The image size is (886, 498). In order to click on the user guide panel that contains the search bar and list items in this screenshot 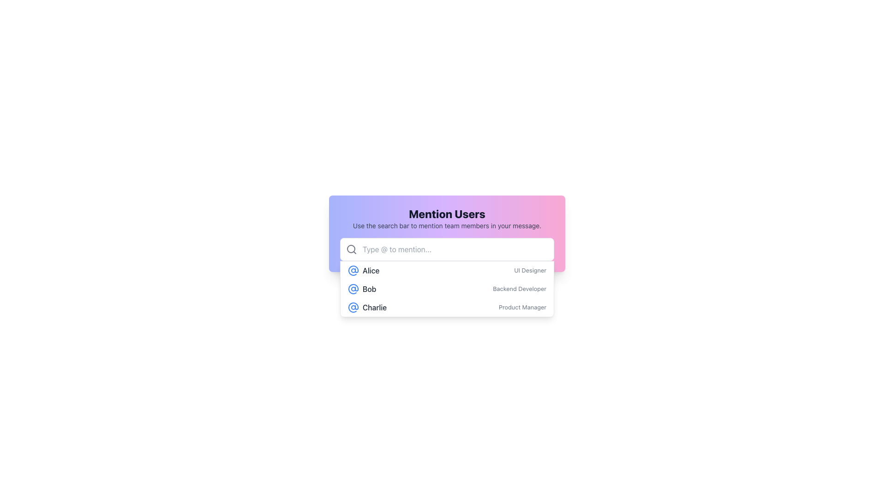, I will do `click(447, 233)`.